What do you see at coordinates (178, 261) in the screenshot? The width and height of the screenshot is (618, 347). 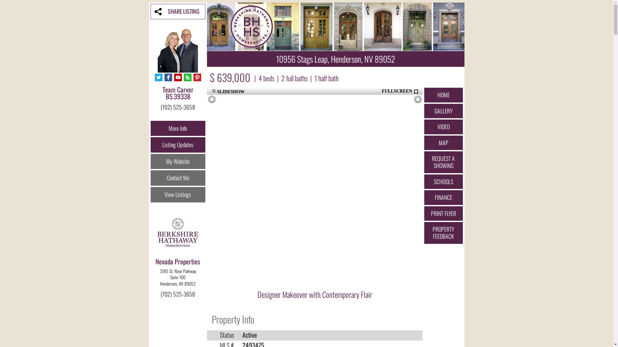 I see `'Nevada Properties'` at bounding box center [178, 261].